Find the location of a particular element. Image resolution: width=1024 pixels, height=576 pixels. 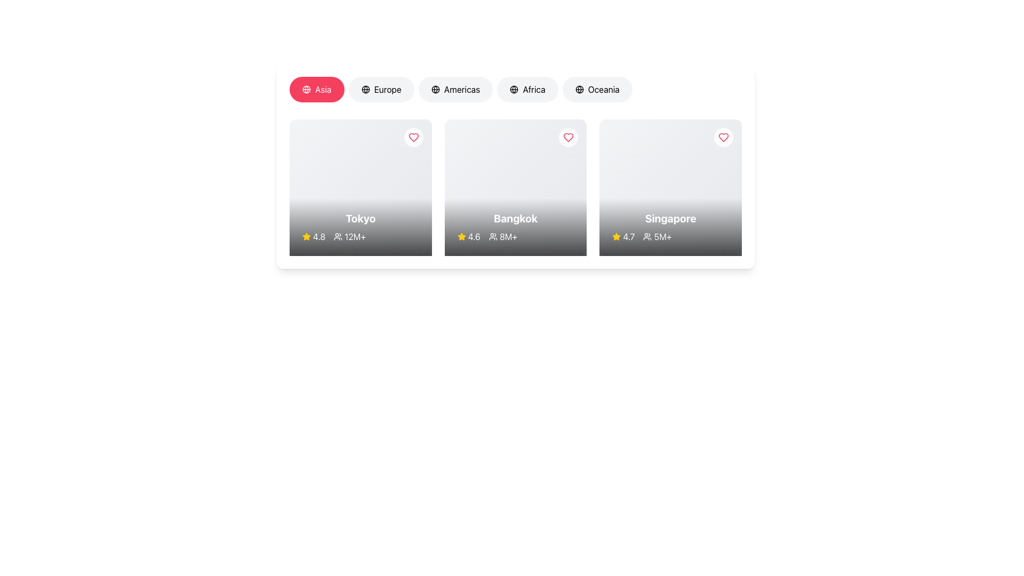

the icon depicting two user silhouettes, which is styled with a rounded outline and colored white, located to the left of the '12M+' text within the first card of the horizontal card layout is located at coordinates (338, 236).